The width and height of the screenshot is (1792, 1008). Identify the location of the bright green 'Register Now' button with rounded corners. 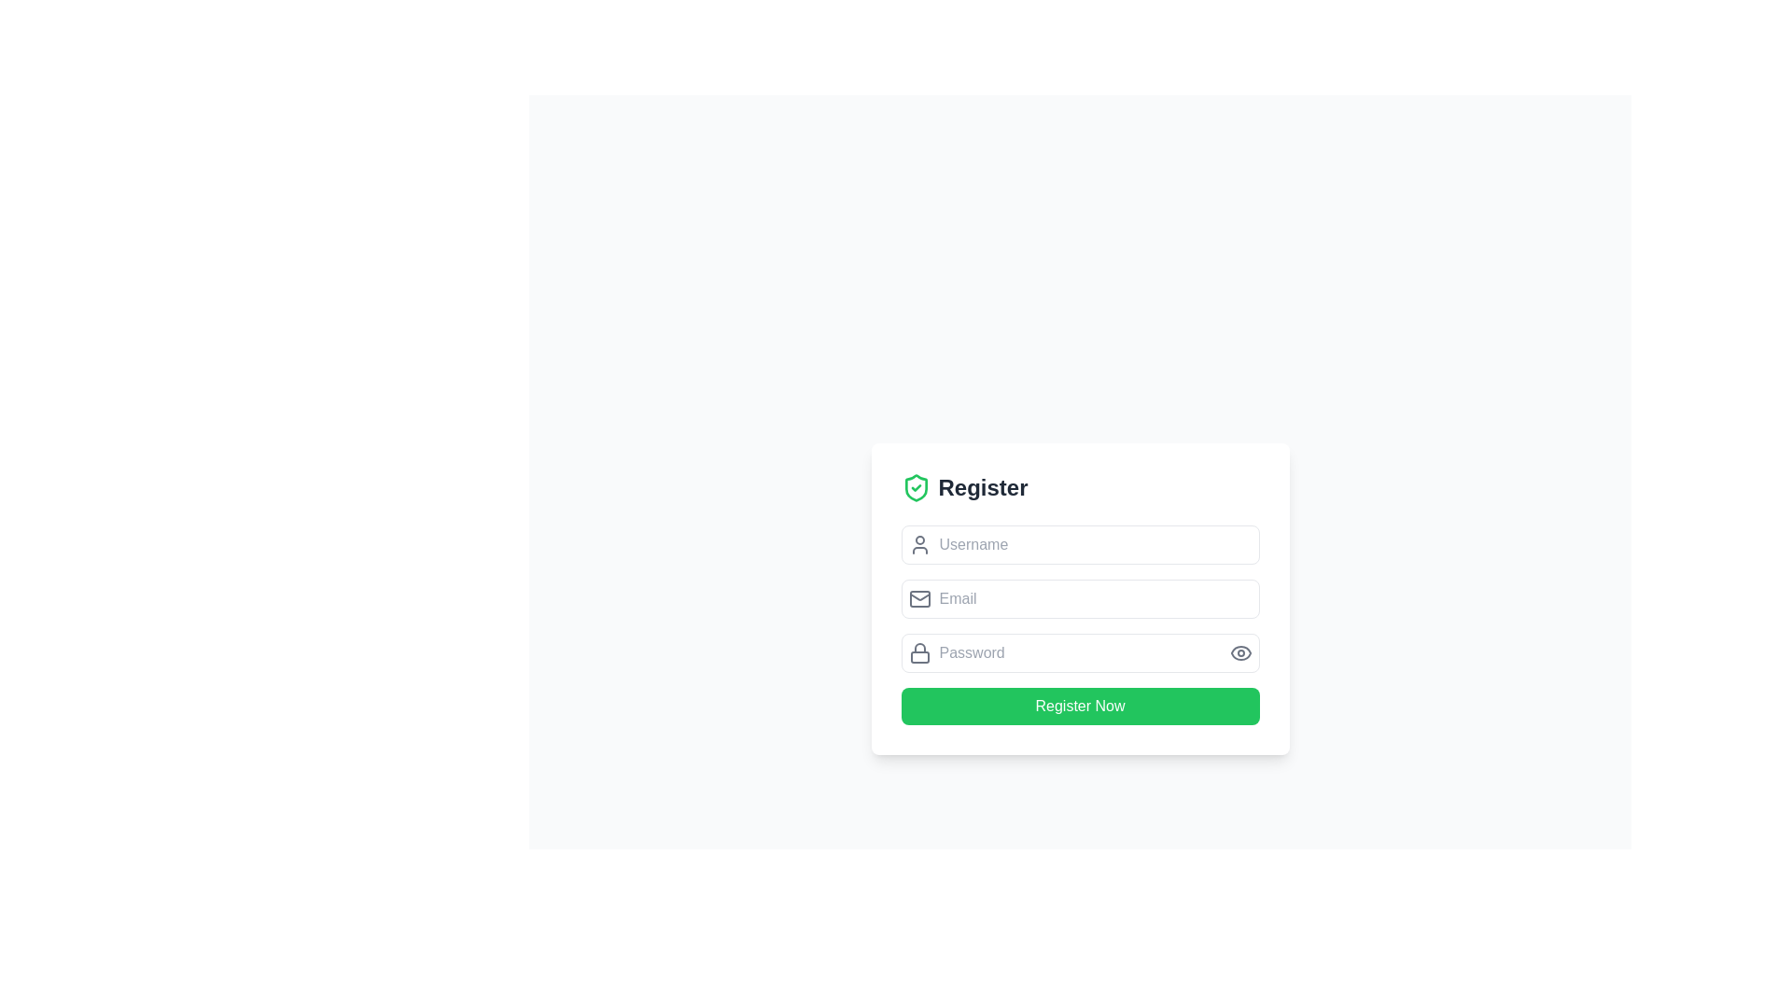
(1080, 706).